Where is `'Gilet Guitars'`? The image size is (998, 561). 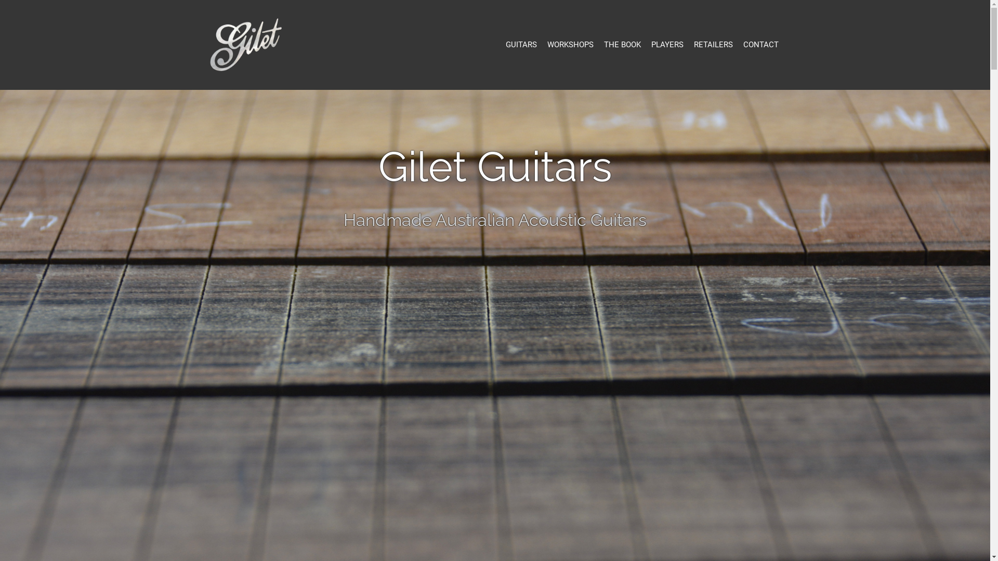
'Gilet Guitars' is located at coordinates (207, 43).